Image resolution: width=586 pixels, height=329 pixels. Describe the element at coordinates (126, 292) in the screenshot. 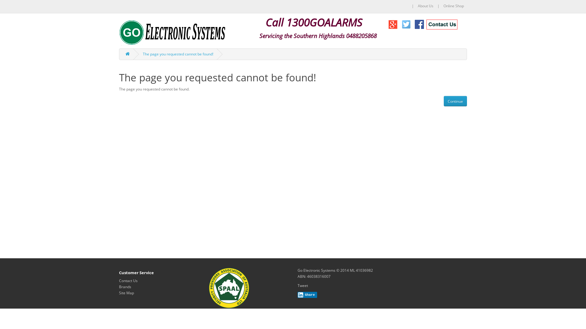

I see `'Site Map'` at that location.